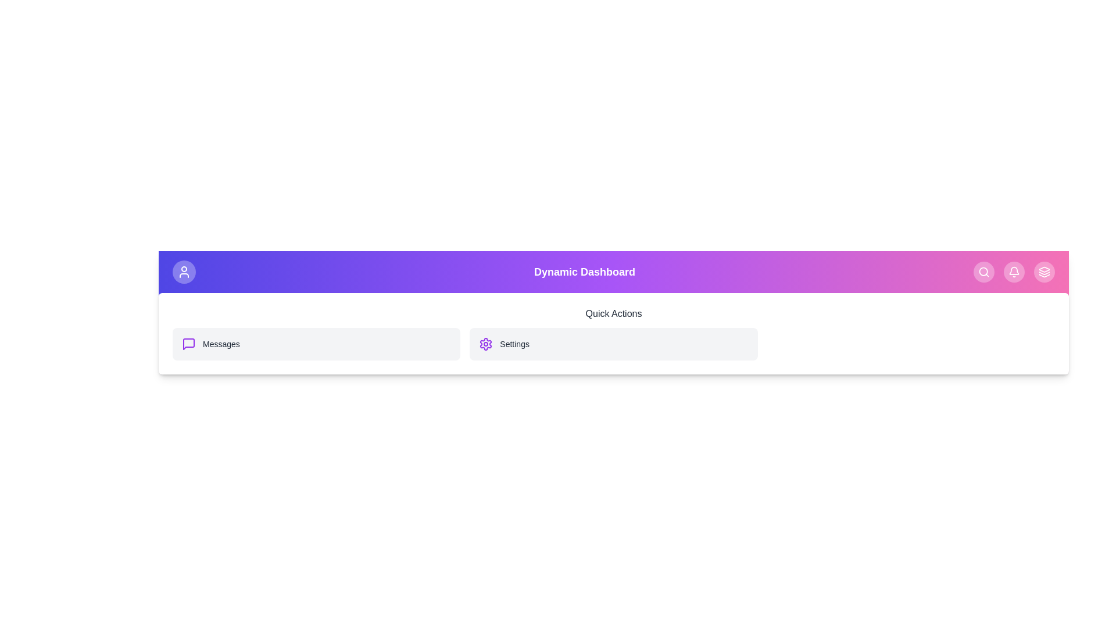 The width and height of the screenshot is (1116, 628). I want to click on layers icon in the top right corner, so click(1044, 272).